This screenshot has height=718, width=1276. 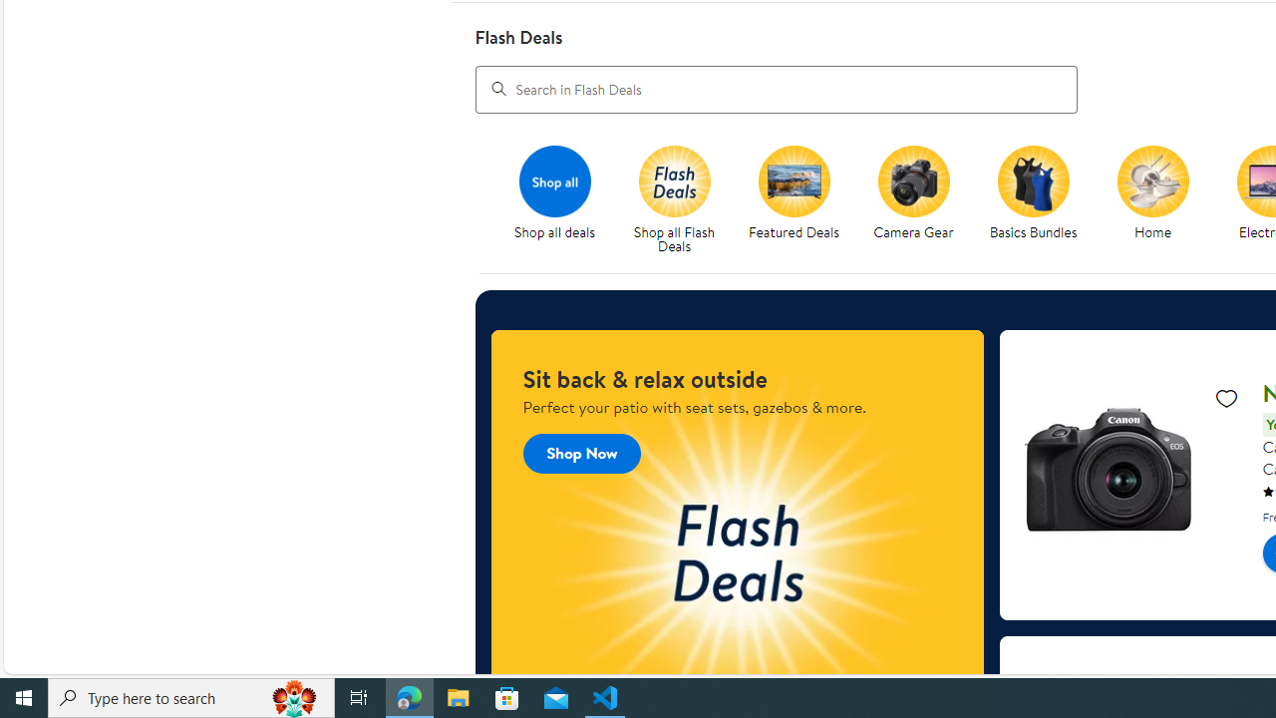 I want to click on 'Basics Bundles', so click(x=1033, y=180).